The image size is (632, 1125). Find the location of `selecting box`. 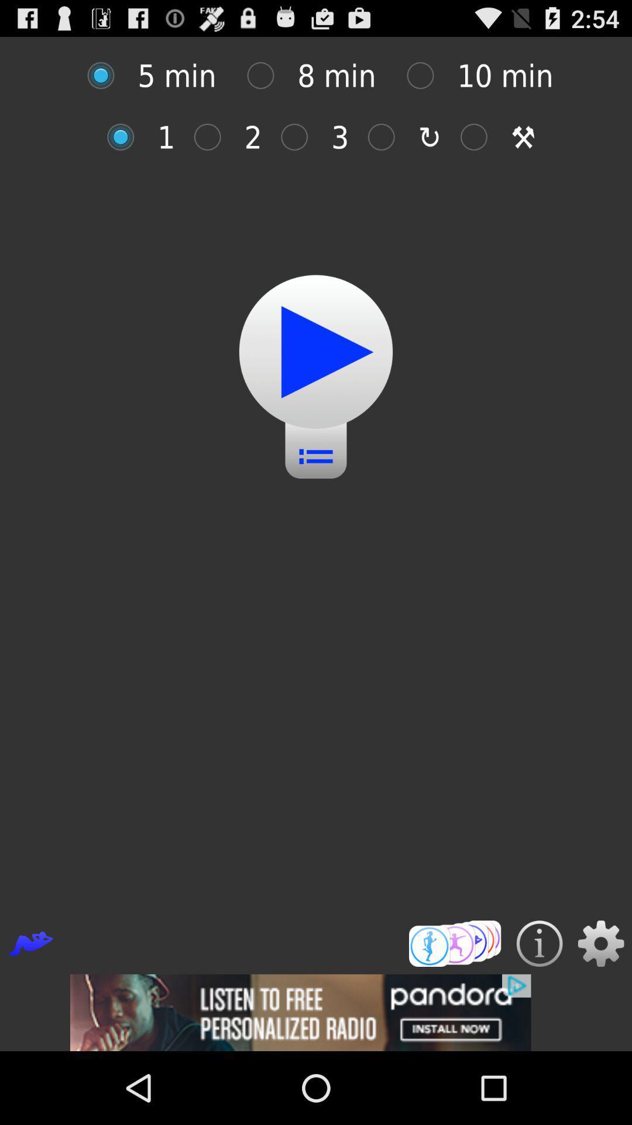

selecting box is located at coordinates (266, 75).